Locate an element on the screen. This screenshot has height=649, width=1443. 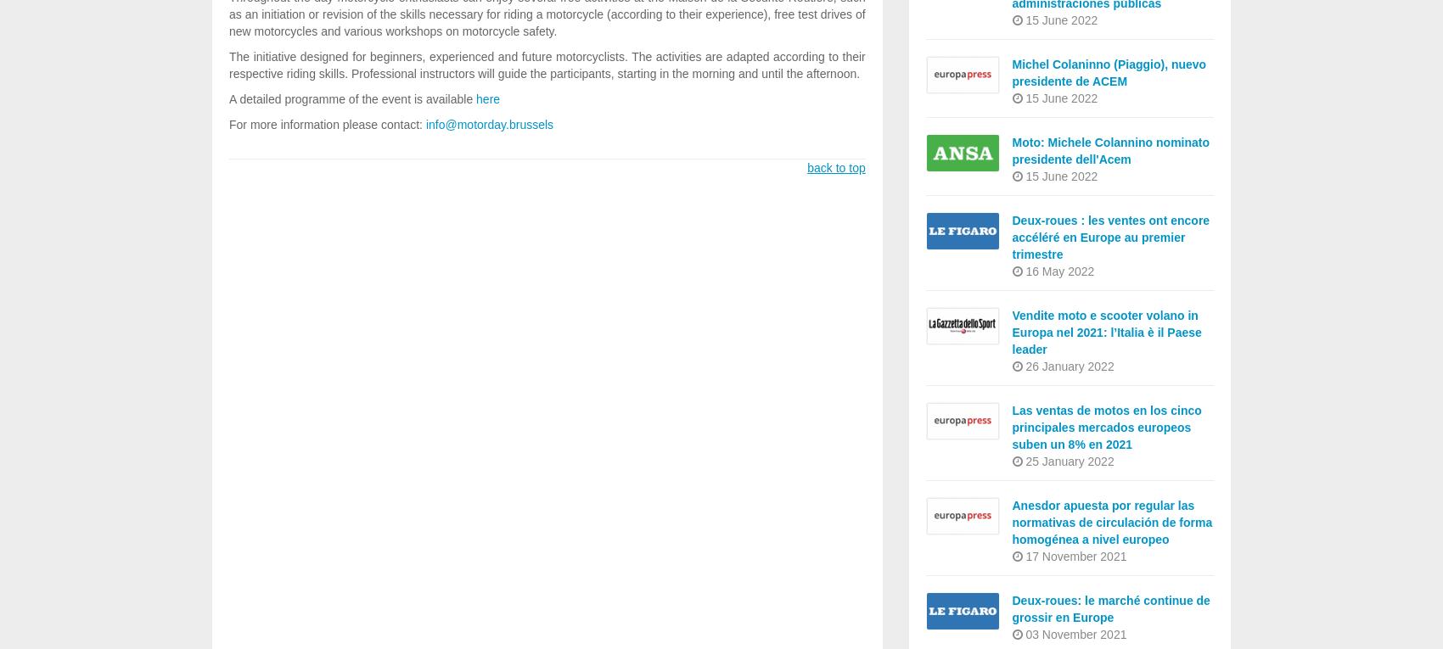
'Michel Colaninno (Piaggio), nuevo presidente de ACEM' is located at coordinates (1011, 72).